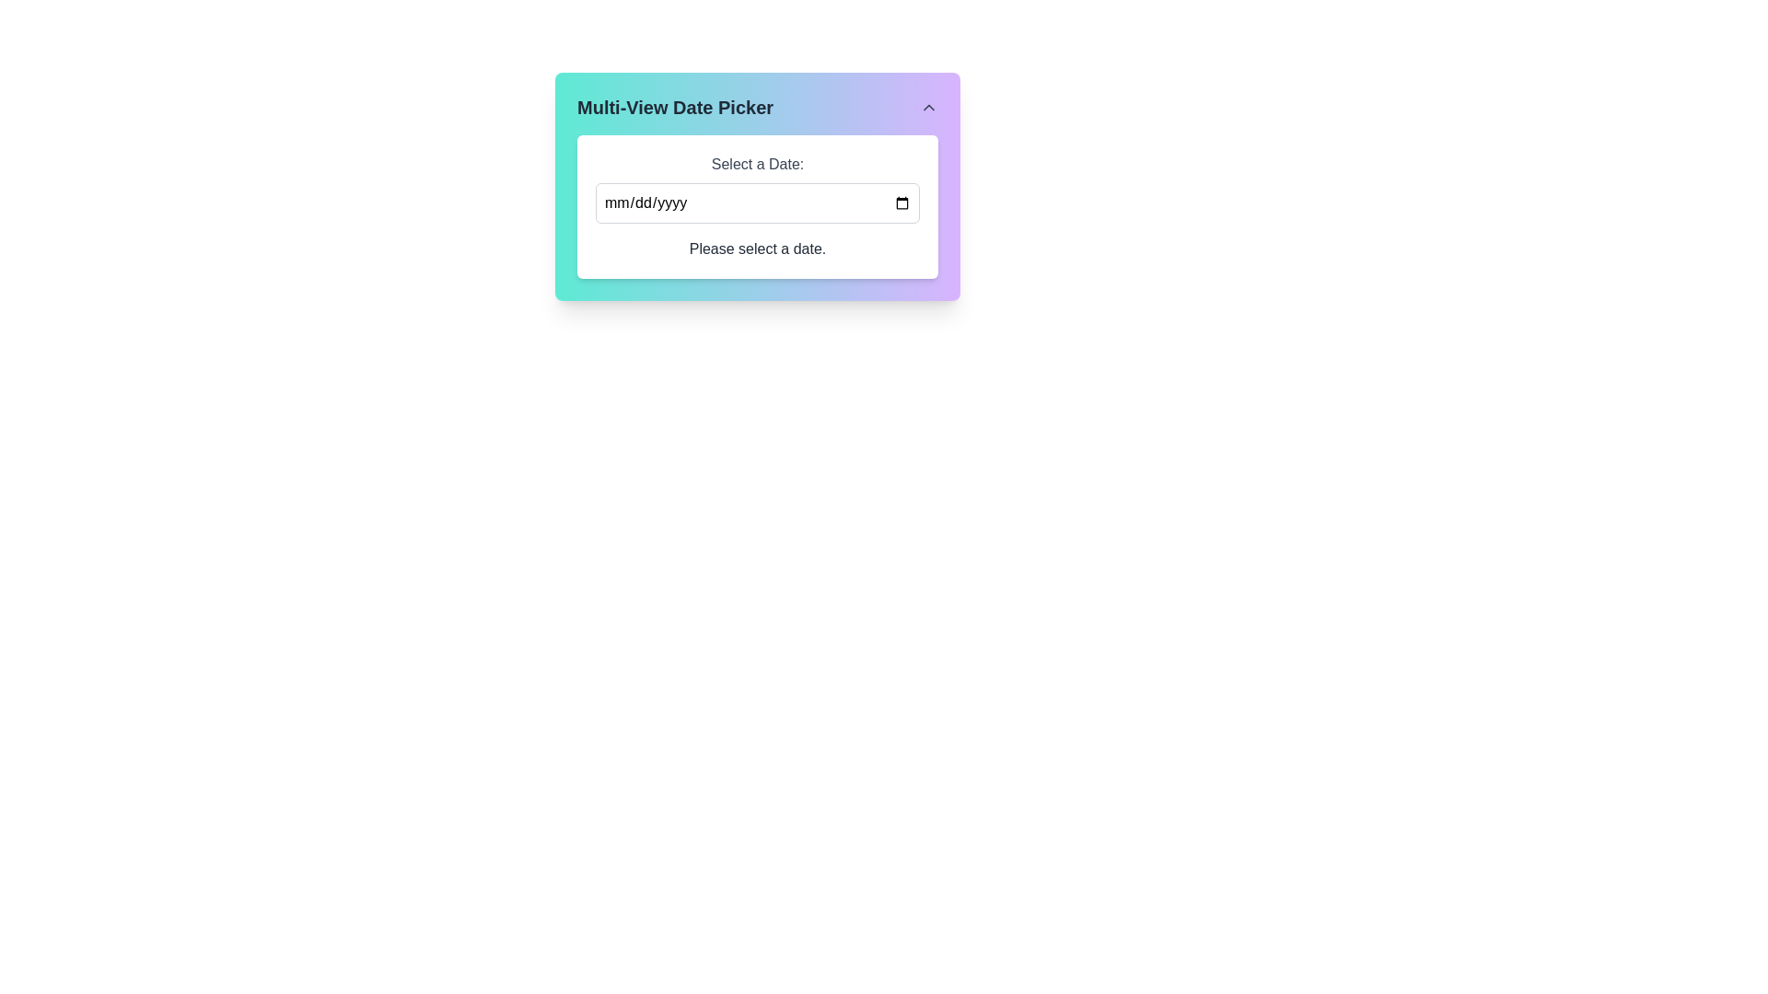 The height and width of the screenshot is (994, 1768). I want to click on the label that guides the user for the date input field, located above the input field with a placeholder of 'mm/dd/yyyy', so click(757, 163).